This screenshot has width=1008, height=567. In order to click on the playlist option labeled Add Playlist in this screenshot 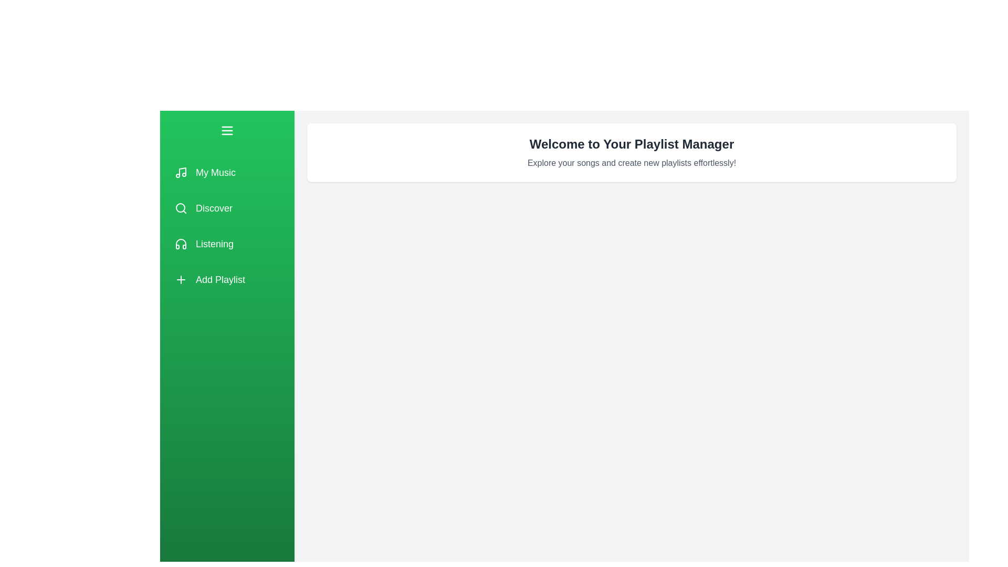, I will do `click(226, 279)`.